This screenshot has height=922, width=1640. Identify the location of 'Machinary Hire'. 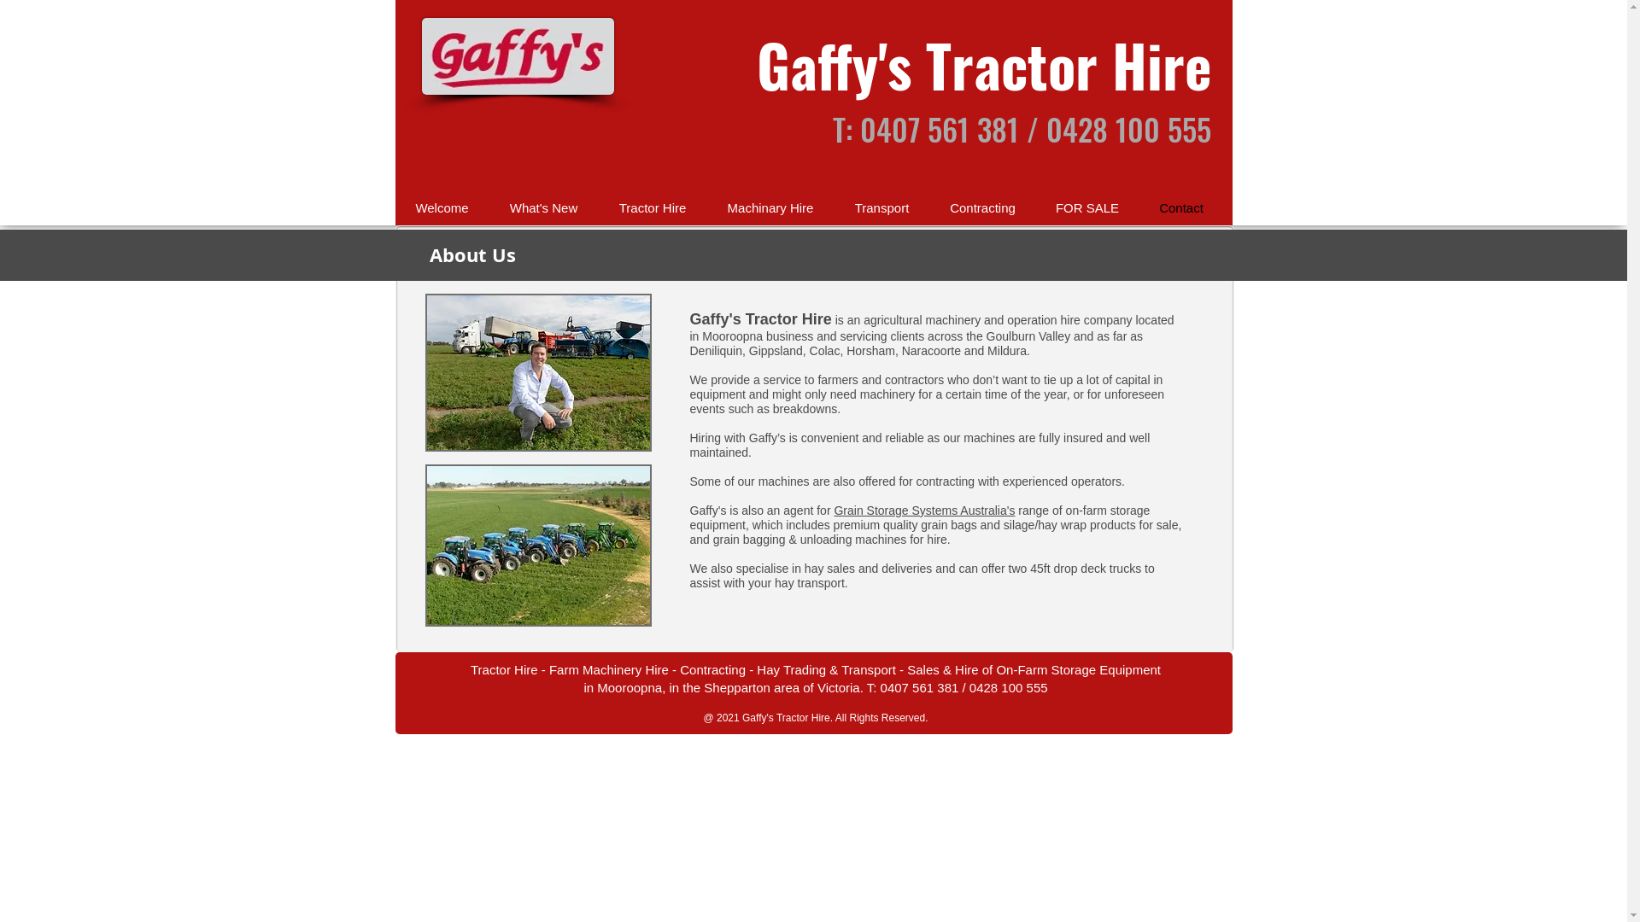
(770, 207).